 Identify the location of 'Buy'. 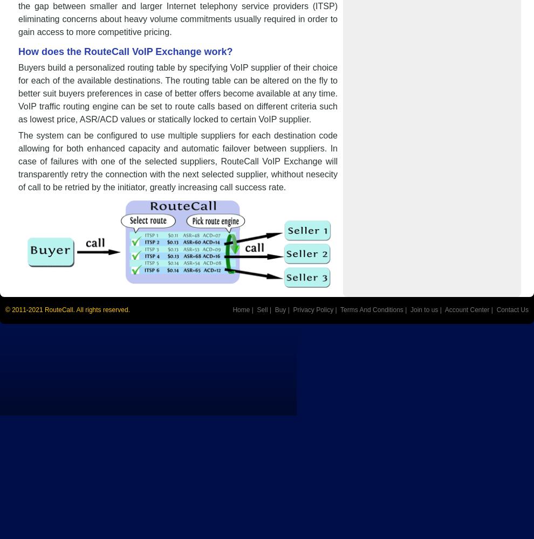
(273, 309).